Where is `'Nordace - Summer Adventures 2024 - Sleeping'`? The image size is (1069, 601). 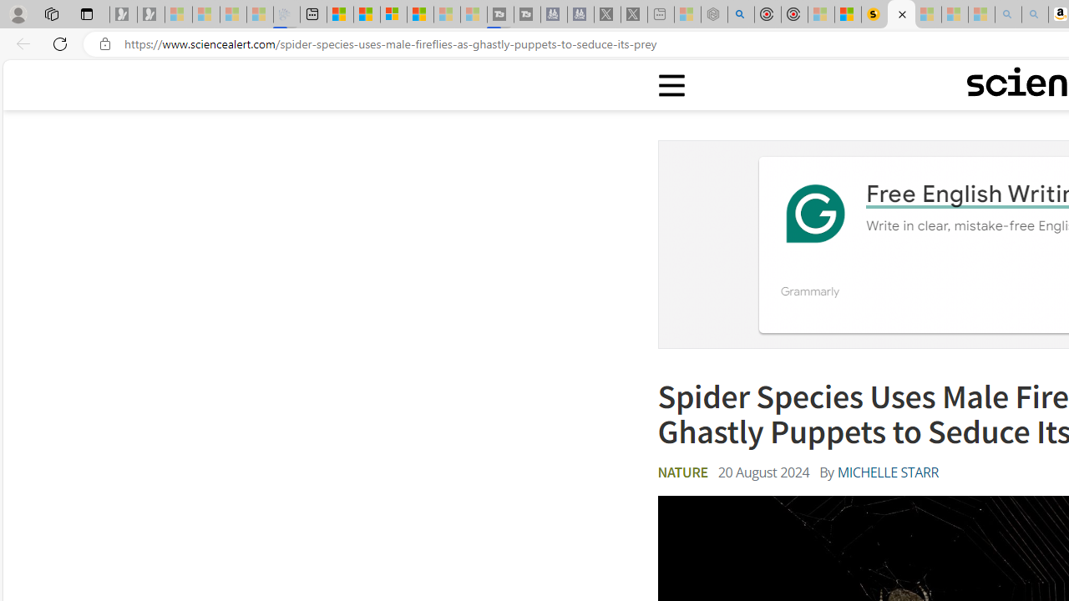 'Nordace - Summer Adventures 2024 - Sleeping' is located at coordinates (714, 14).